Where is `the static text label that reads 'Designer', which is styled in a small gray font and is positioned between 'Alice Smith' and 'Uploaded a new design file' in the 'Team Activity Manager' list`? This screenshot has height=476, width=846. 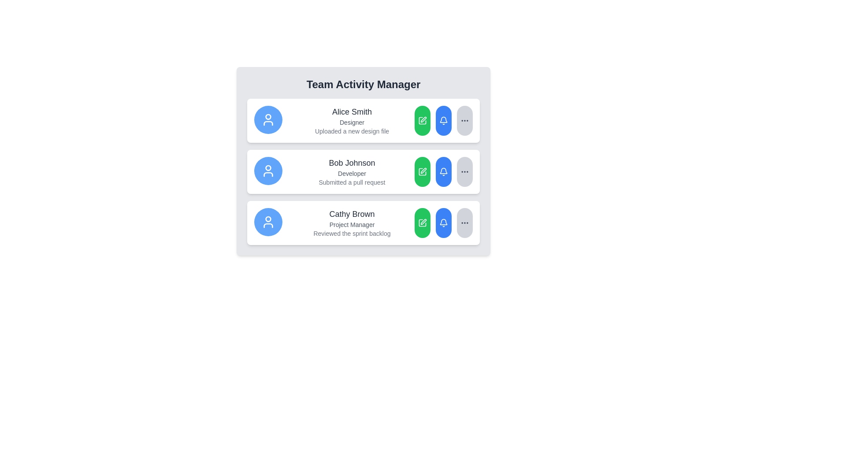 the static text label that reads 'Designer', which is styled in a small gray font and is positioned between 'Alice Smith' and 'Uploaded a new design file' in the 'Team Activity Manager' list is located at coordinates (351, 122).